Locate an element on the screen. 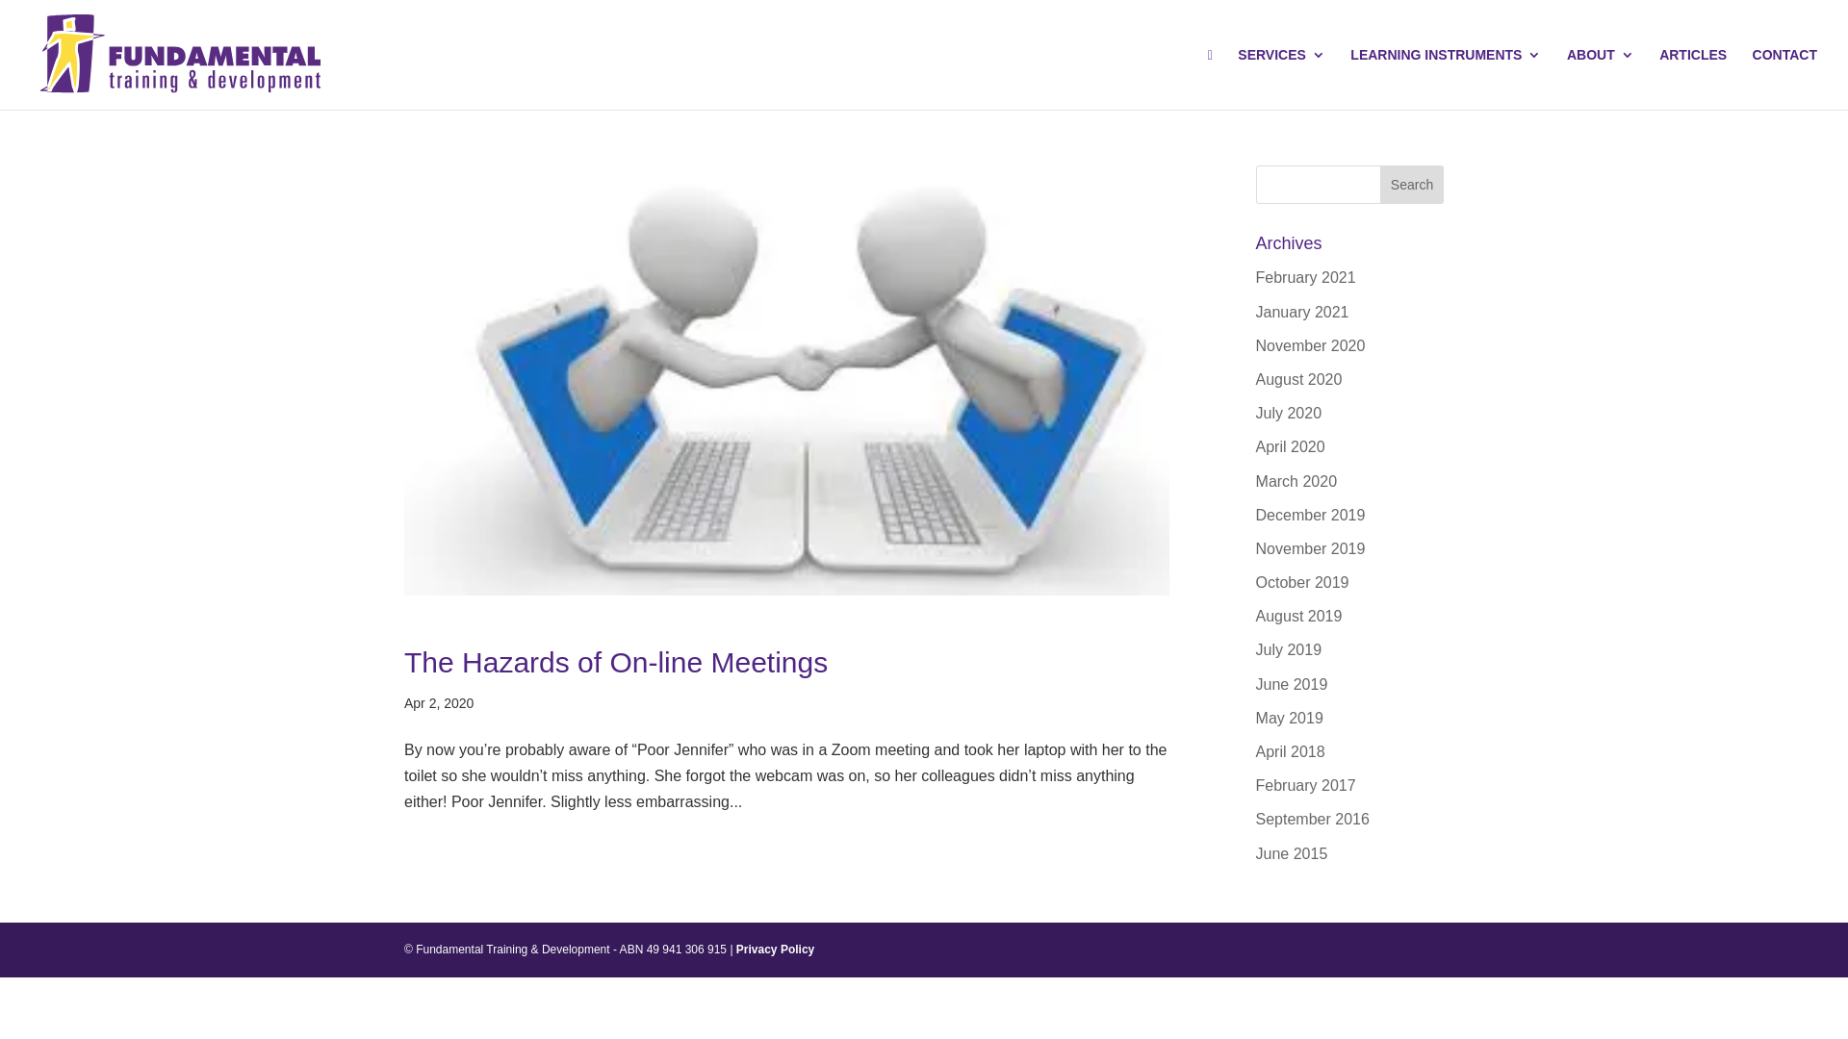 This screenshot has width=1848, height=1039. 'January 2021' is located at coordinates (1302, 311).